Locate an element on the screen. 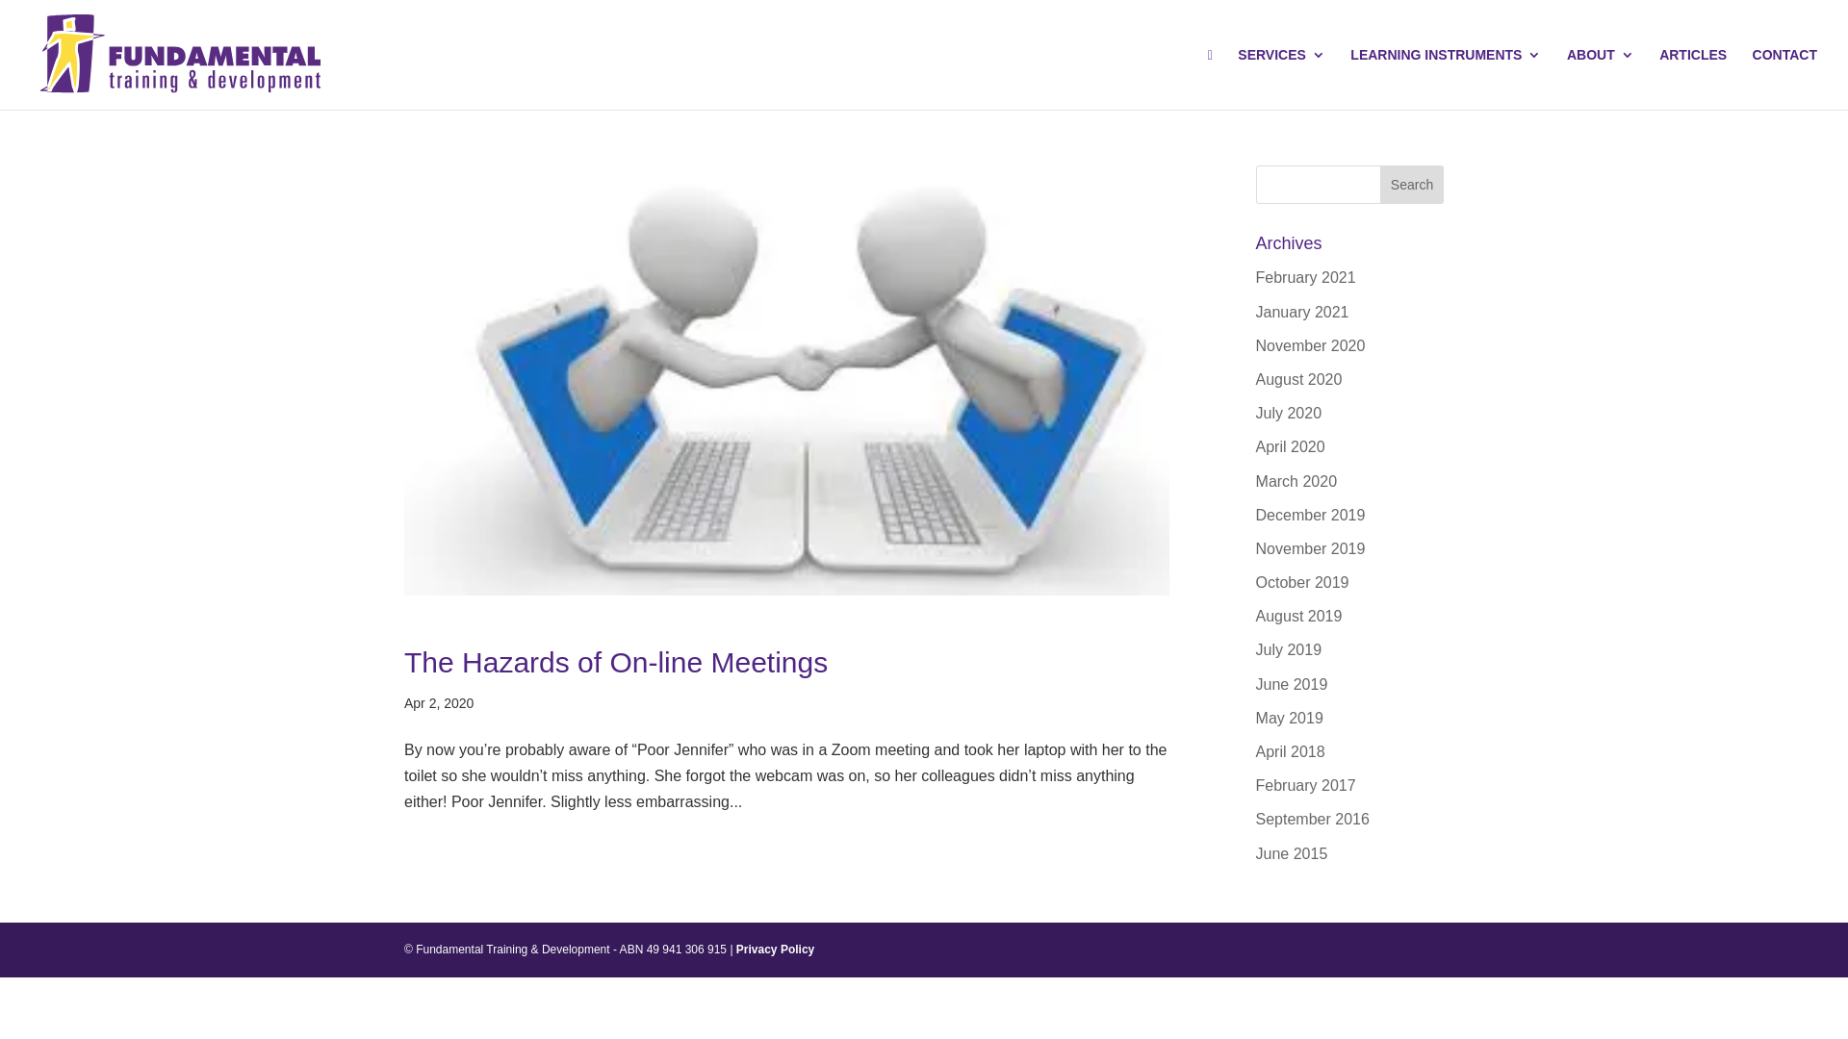 This screenshot has width=1848, height=1039. 'January 2021' is located at coordinates (1302, 311).